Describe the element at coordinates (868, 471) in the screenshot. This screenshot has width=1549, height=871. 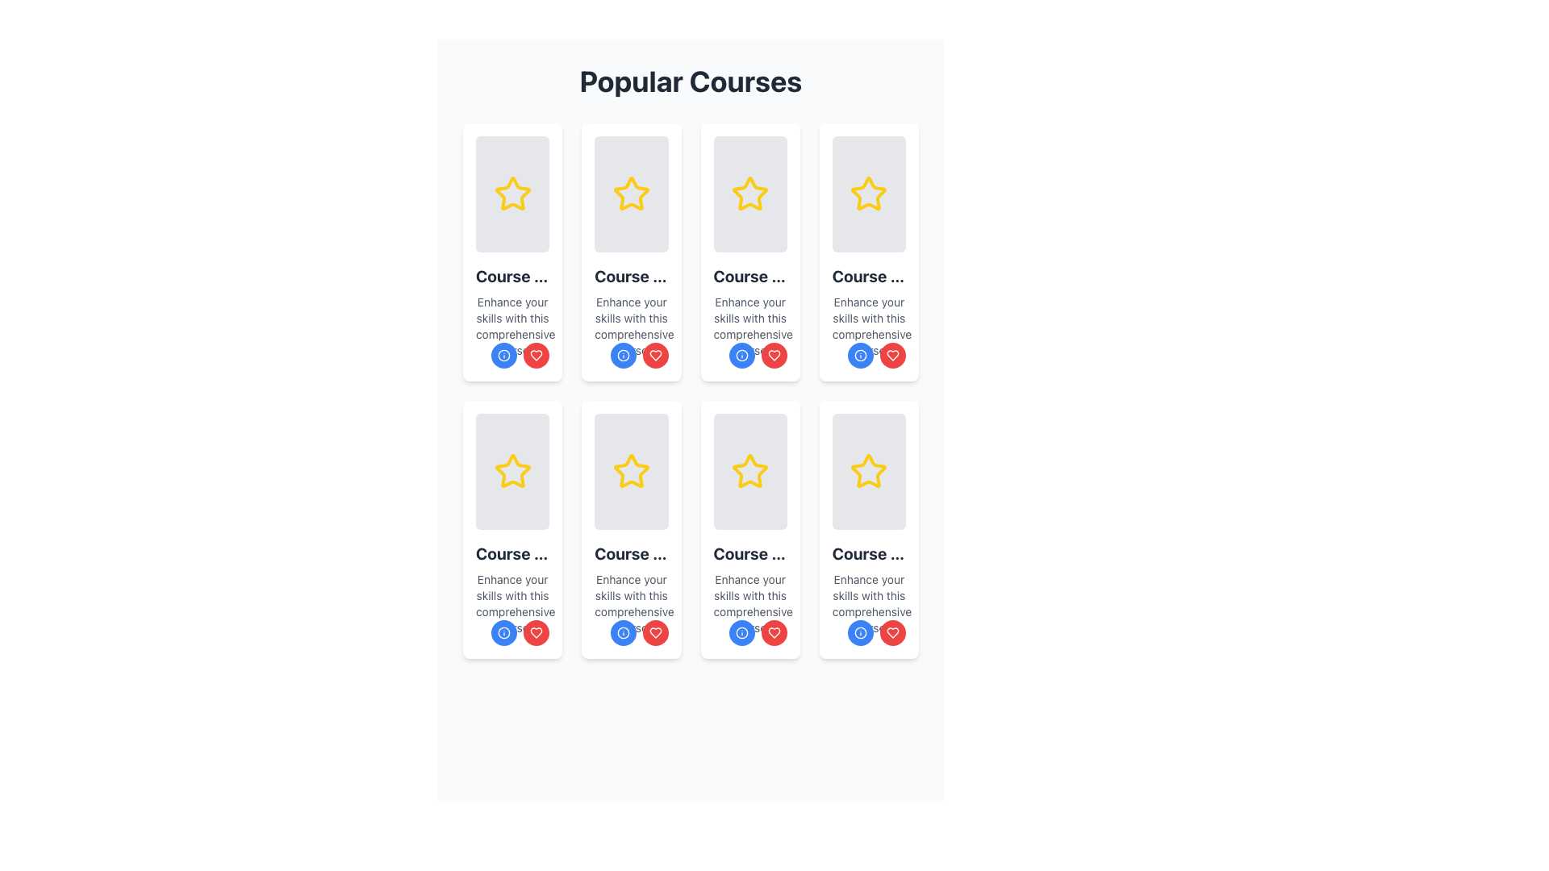
I see `the yellow star icon located at the top-center of the bottom-right card in a 4x2 grid layout` at that location.